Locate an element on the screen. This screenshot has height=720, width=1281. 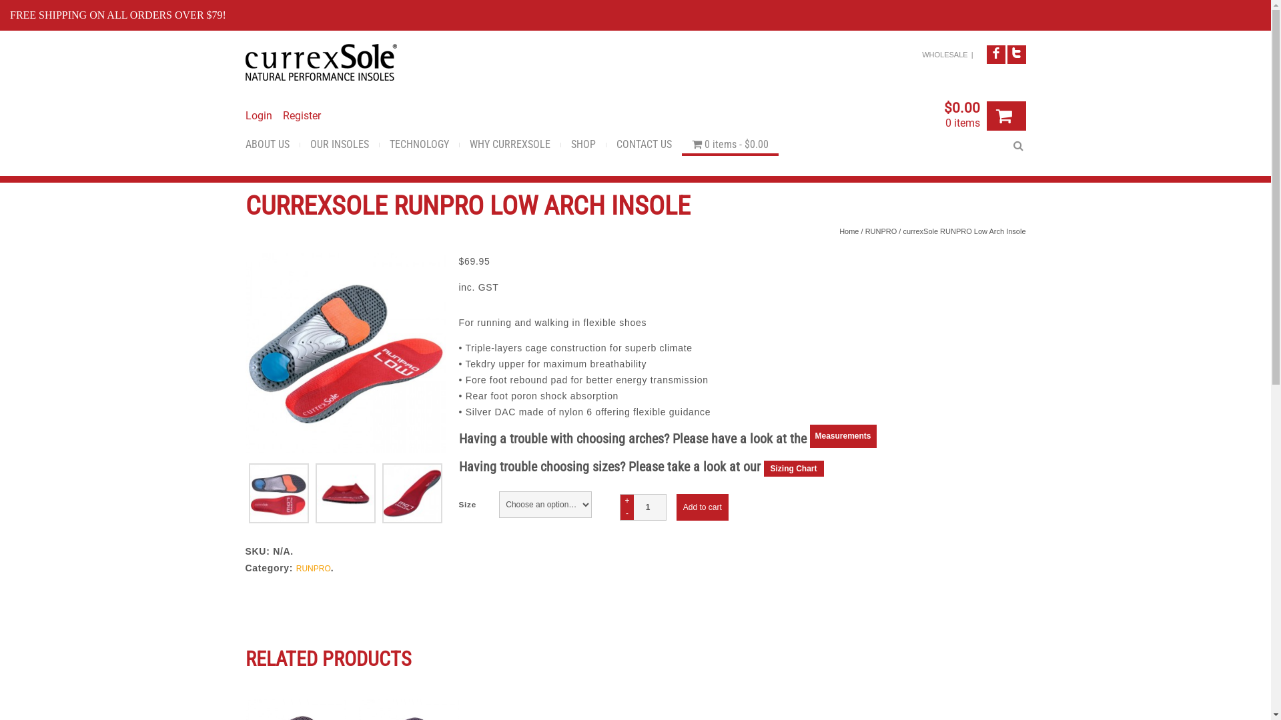
'WHOLESALE' is located at coordinates (921, 53).